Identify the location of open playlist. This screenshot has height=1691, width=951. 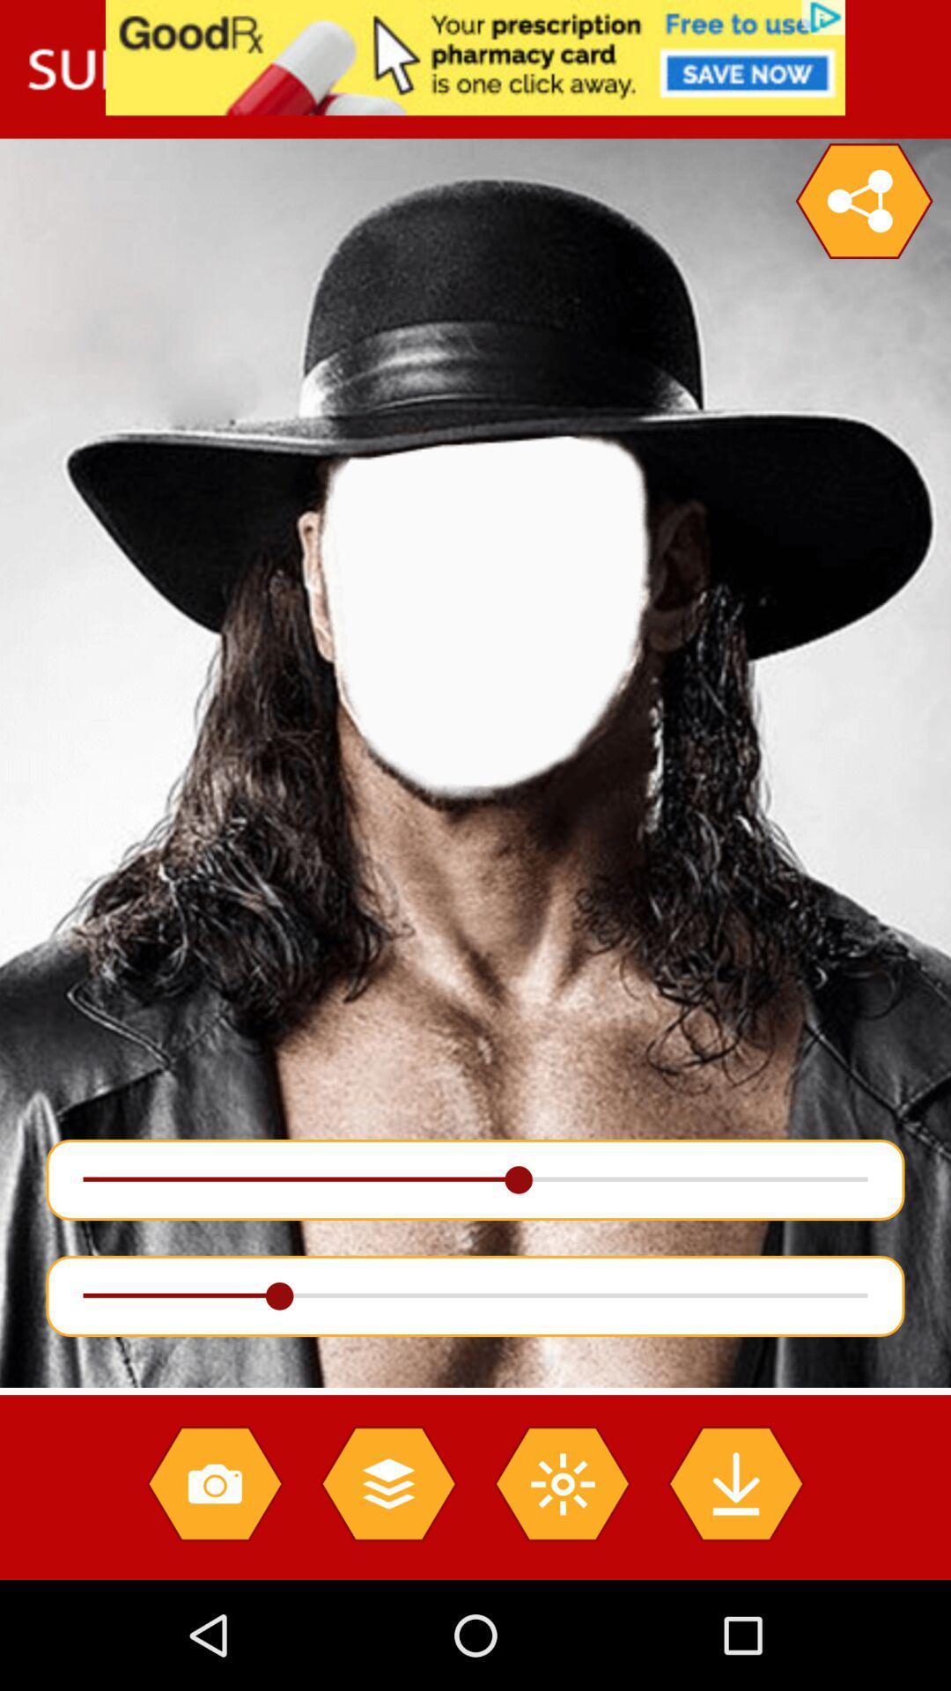
(387, 1482).